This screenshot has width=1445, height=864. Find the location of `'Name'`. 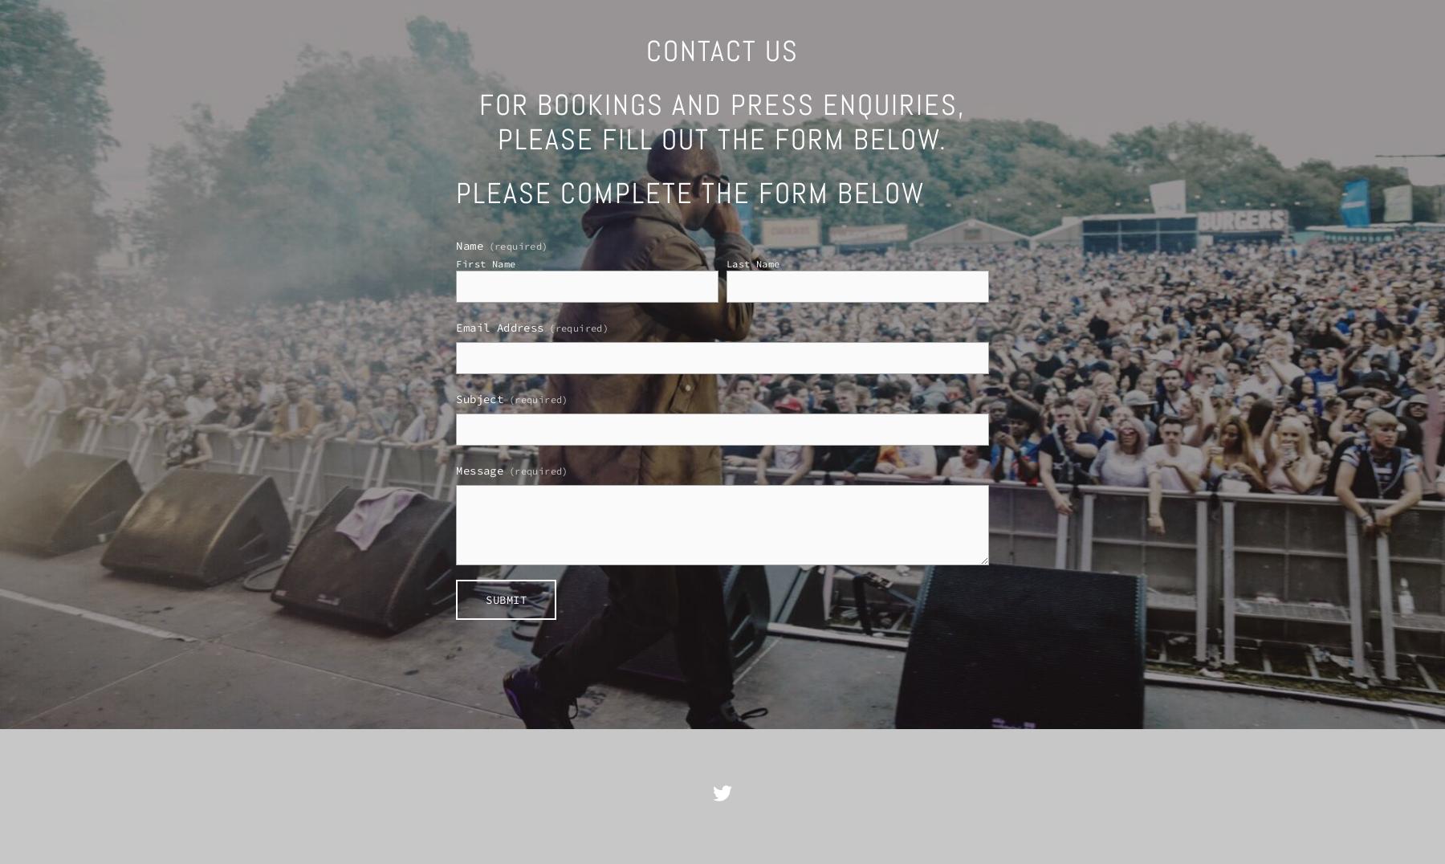

'Name' is located at coordinates (469, 245).